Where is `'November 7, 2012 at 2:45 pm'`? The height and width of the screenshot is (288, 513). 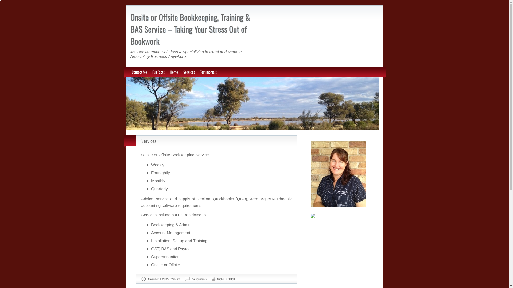 'November 7, 2012 at 2:45 pm' is located at coordinates (164, 278).